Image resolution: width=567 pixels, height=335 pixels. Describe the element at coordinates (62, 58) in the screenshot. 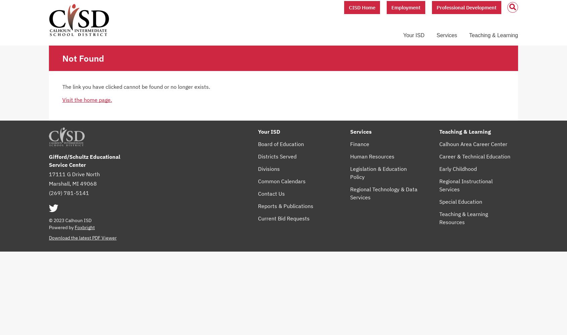

I see `'Not Found'` at that location.